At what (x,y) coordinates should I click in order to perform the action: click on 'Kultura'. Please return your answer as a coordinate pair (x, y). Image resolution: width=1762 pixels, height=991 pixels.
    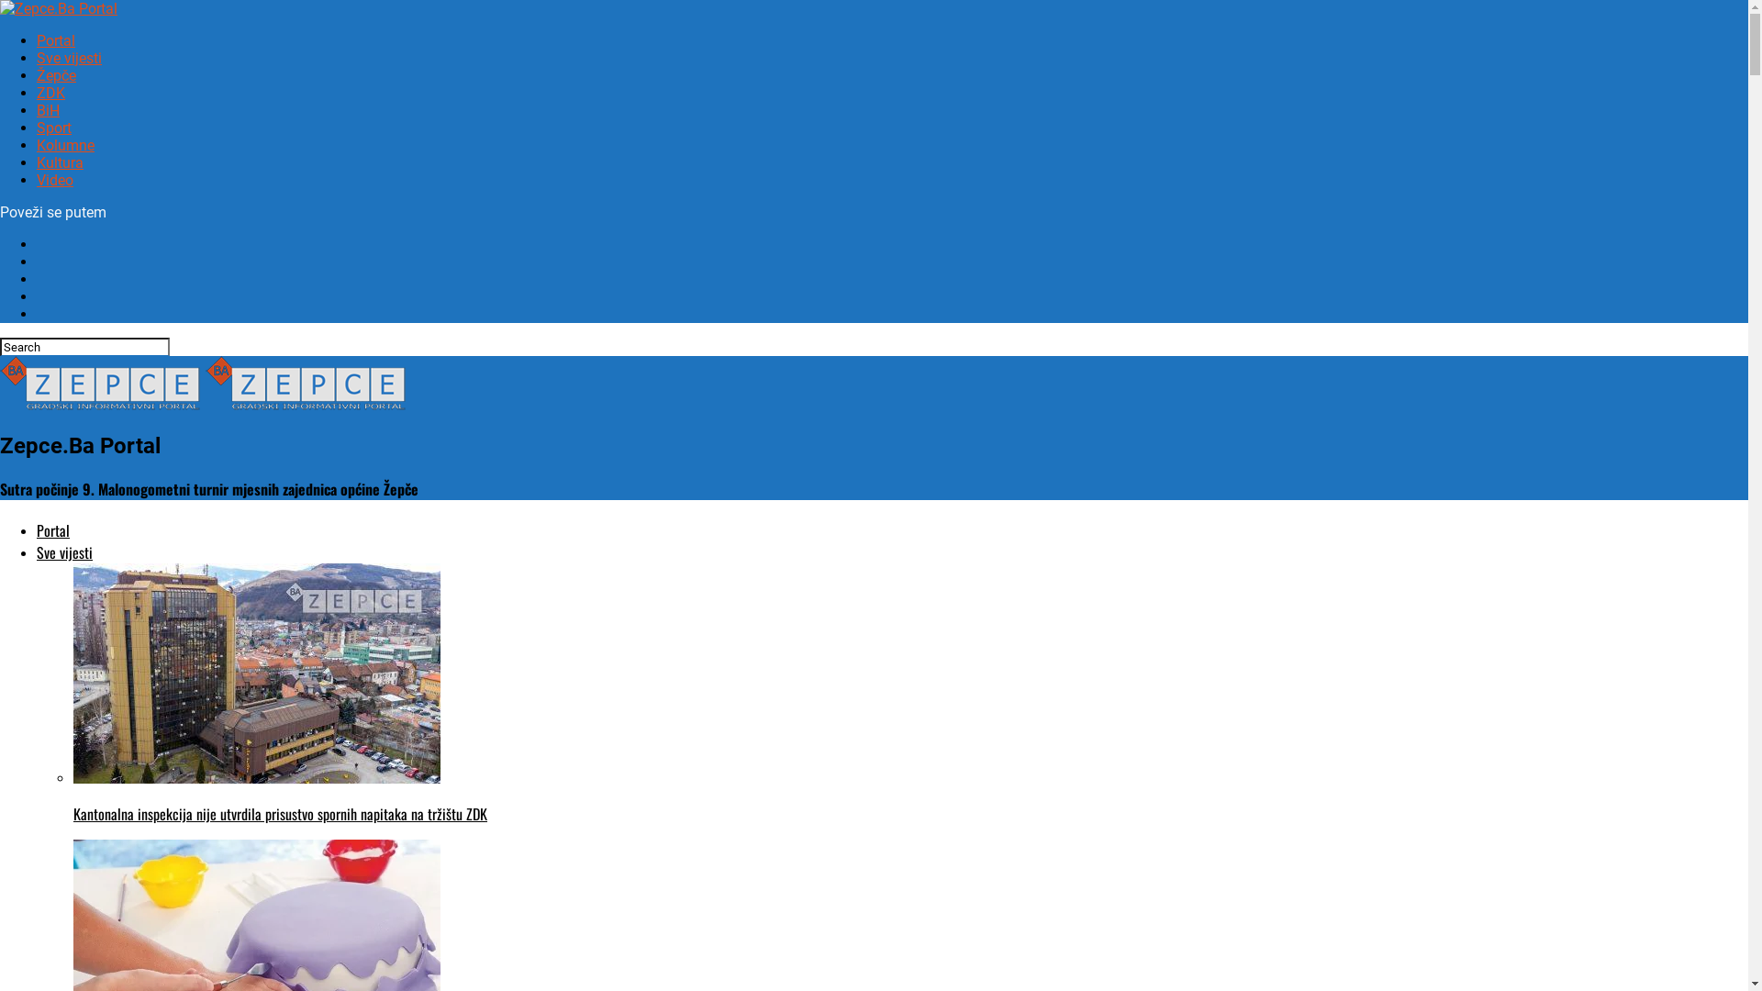
    Looking at the image, I should click on (36, 161).